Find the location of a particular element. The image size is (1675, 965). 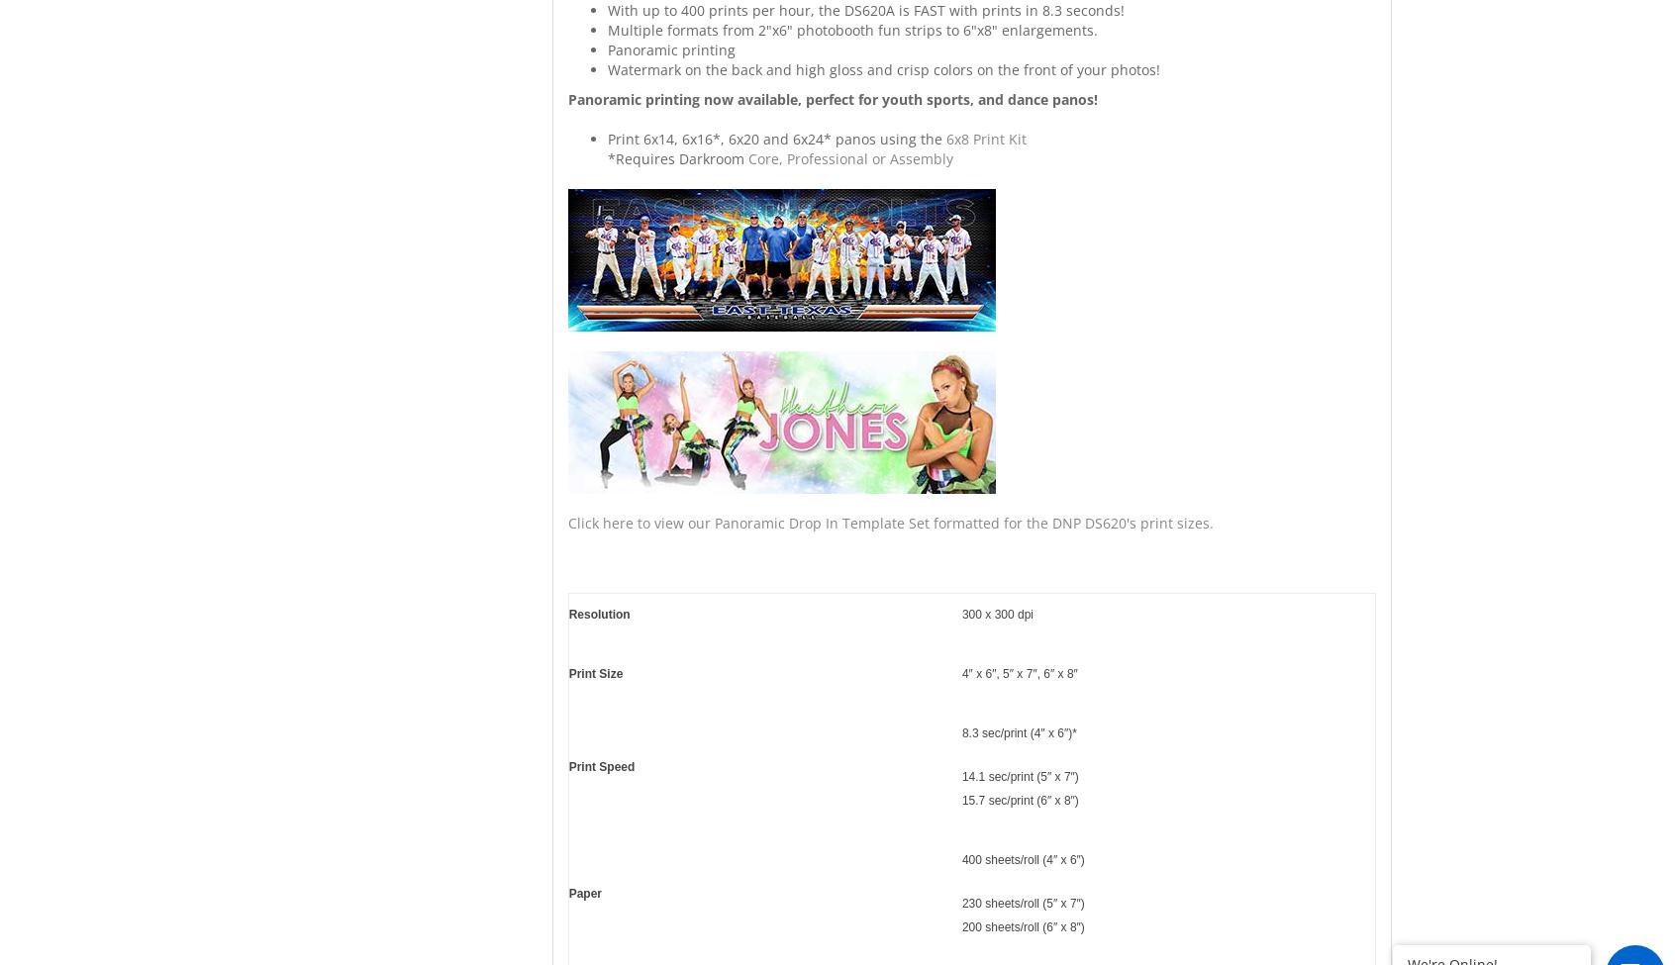

'Multiple formats from 2"x6" photobooth fun strips to 6"x8" enlargements.' is located at coordinates (850, 30).